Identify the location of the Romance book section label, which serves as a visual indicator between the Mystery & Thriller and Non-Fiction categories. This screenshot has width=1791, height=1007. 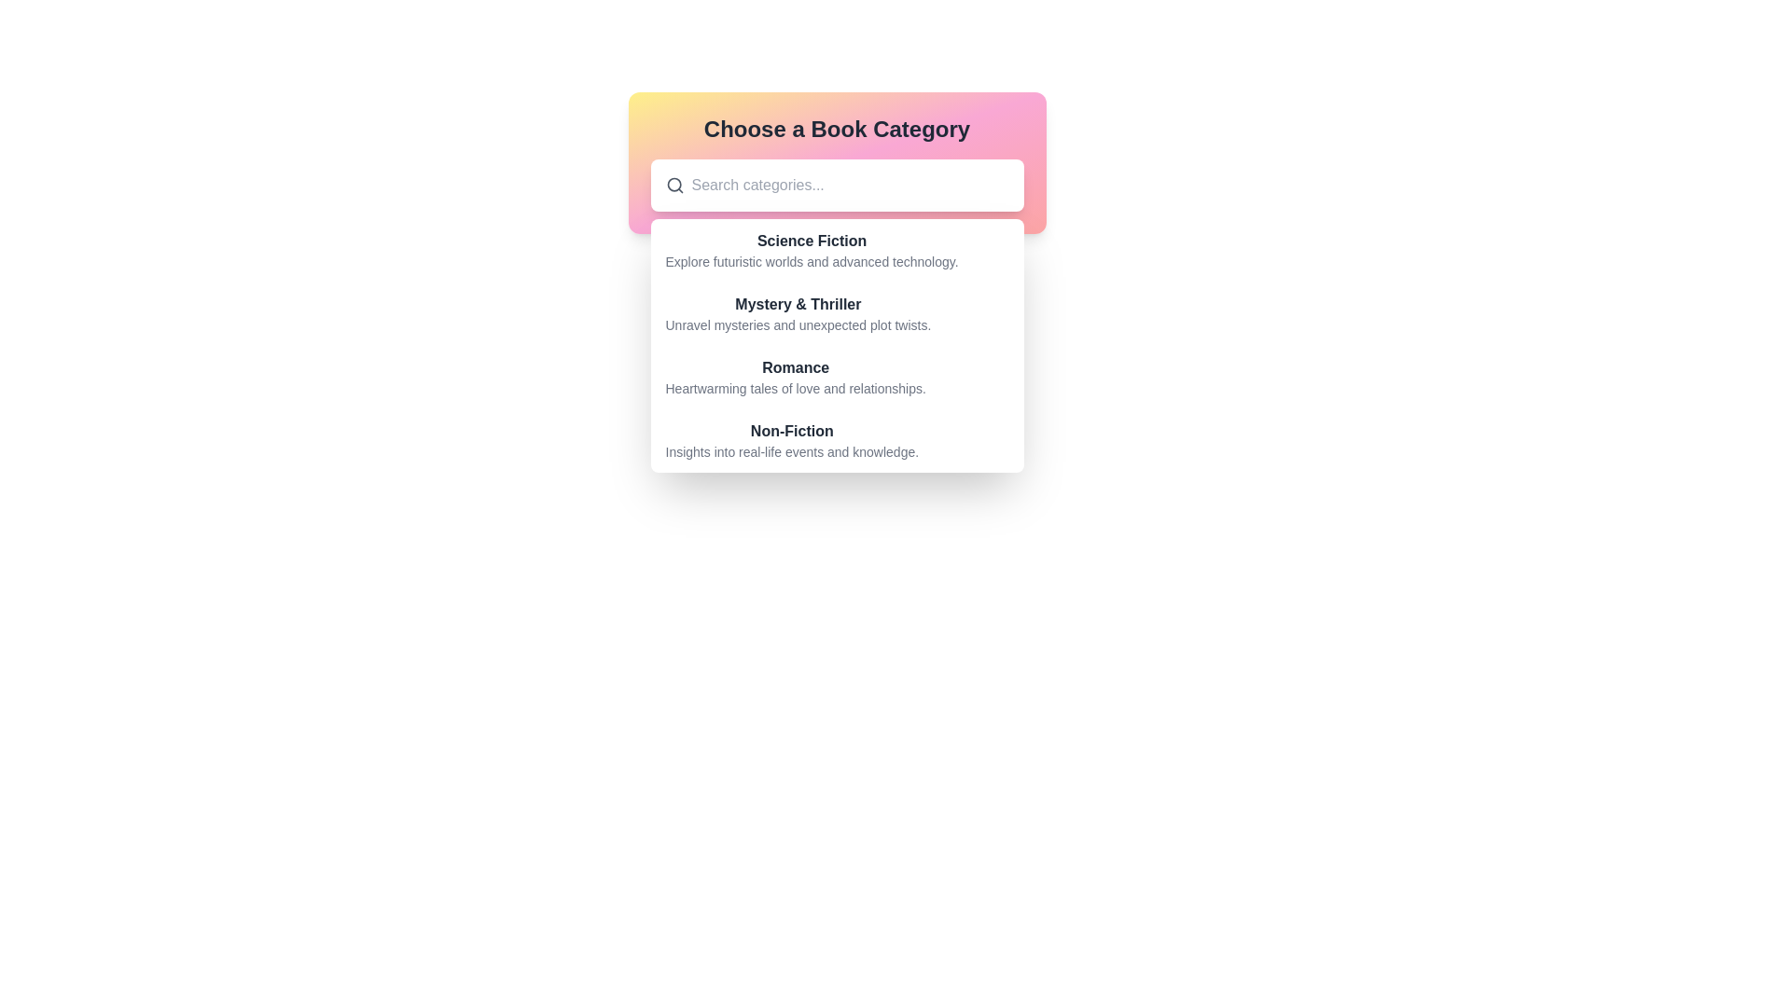
(796, 367).